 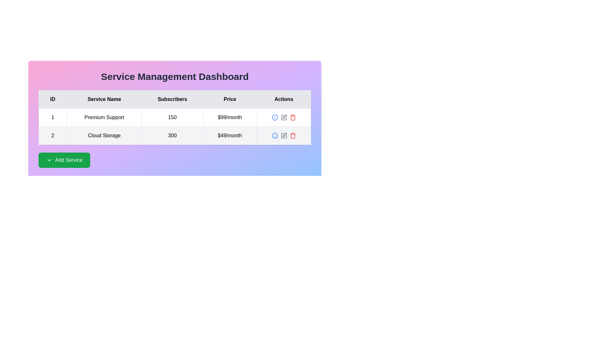 What do you see at coordinates (64, 160) in the screenshot?
I see `the 'Add Service' button with a green background and white text by` at bounding box center [64, 160].